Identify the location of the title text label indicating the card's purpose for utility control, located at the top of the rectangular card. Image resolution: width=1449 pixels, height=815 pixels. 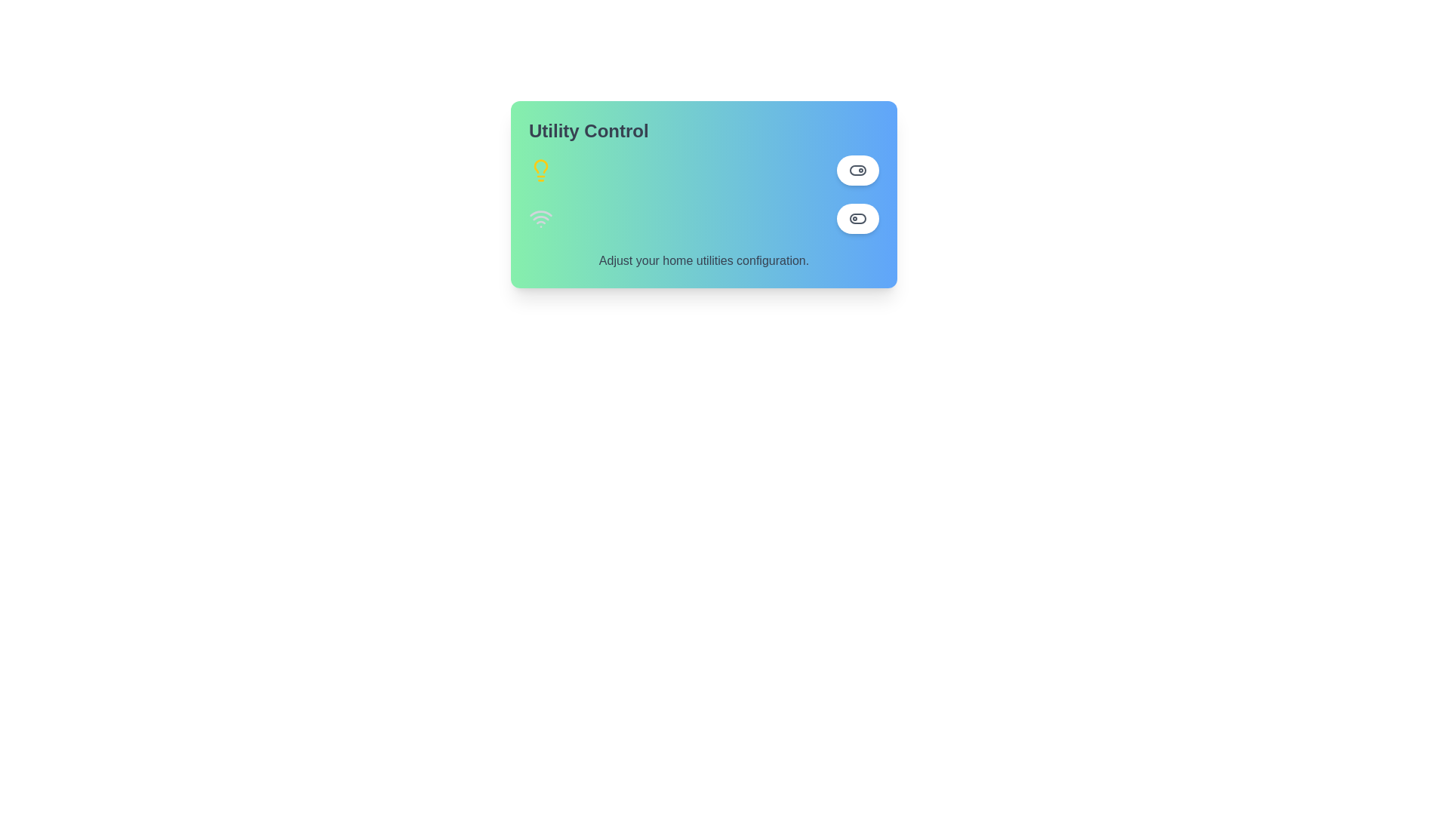
(588, 130).